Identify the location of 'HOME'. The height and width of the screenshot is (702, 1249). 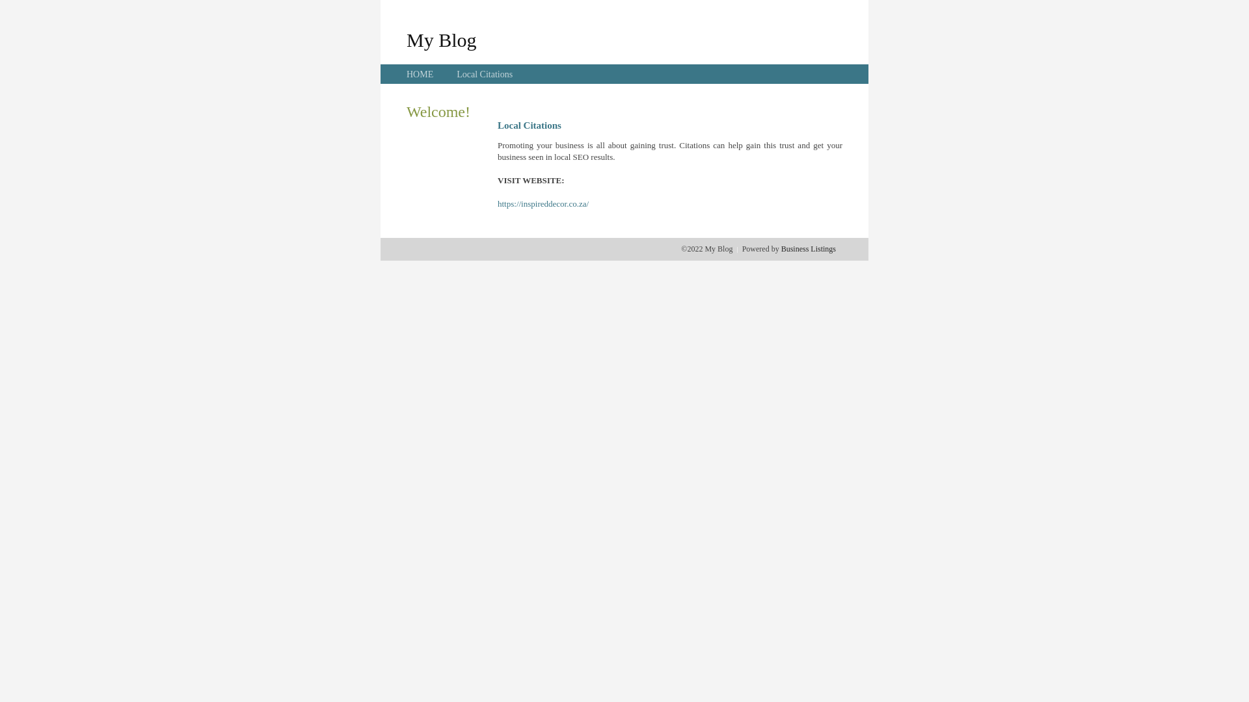
(405, 74).